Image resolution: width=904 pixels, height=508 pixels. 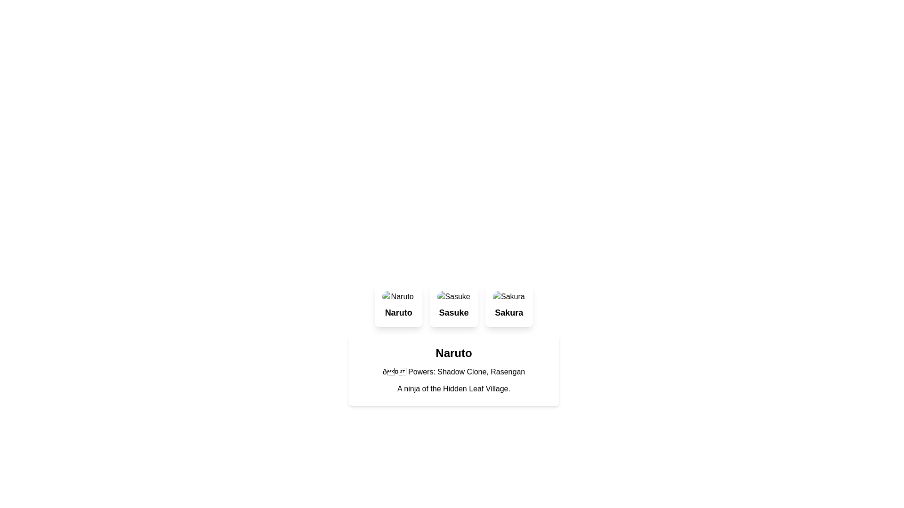 What do you see at coordinates (508, 305) in the screenshot?
I see `the selectable card associated with the 'Sakura' character, which is the third item in a grid layout of cards, positioned to the right of the 'Naruto' and 'Sasuke' cards` at bounding box center [508, 305].